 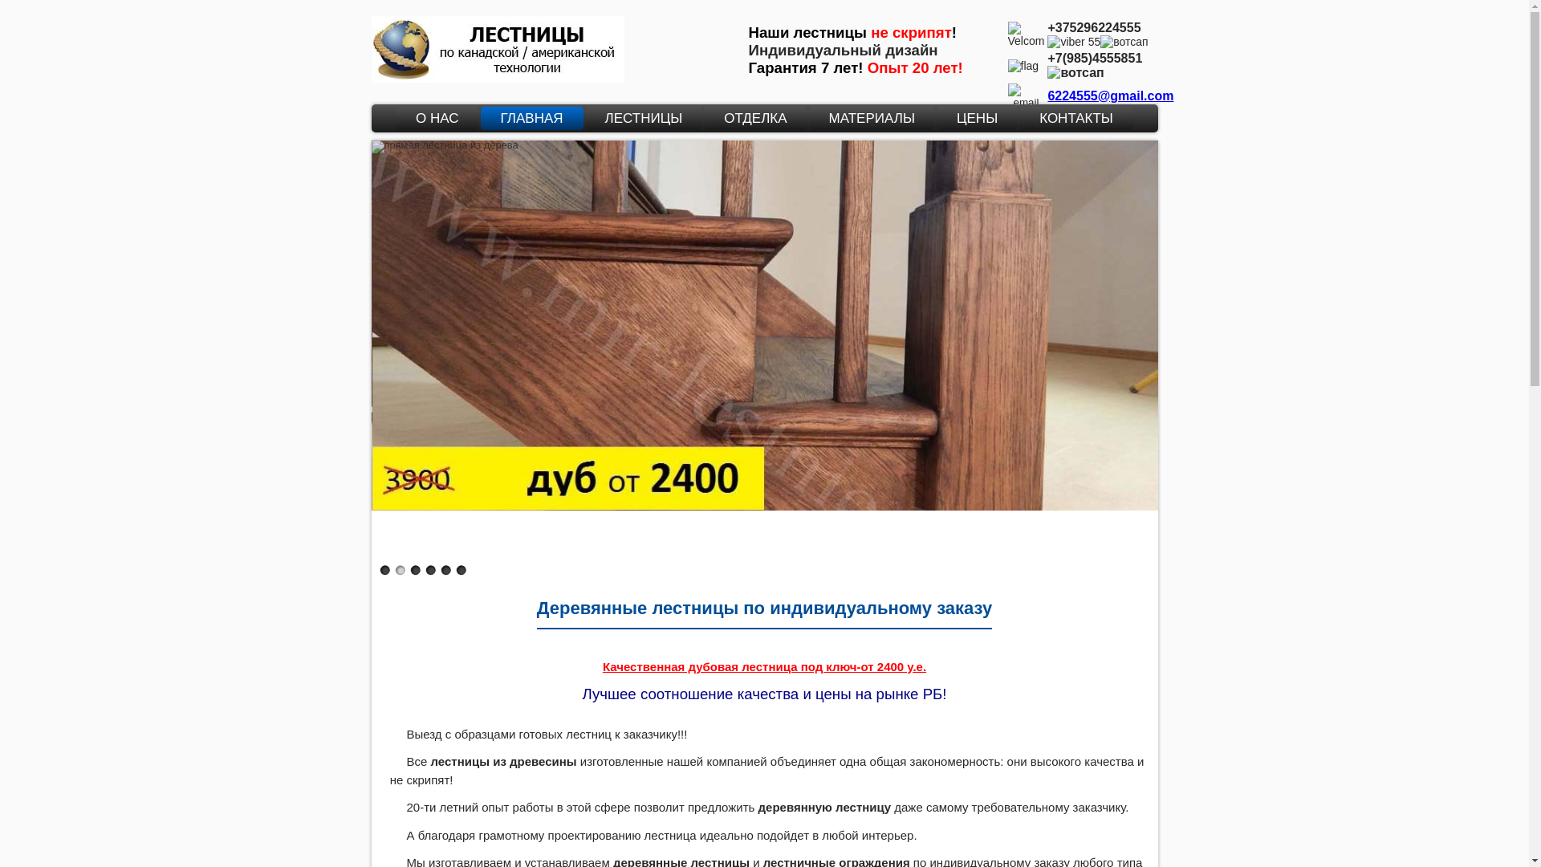 What do you see at coordinates (1109, 95) in the screenshot?
I see `'6224555@gmail.com'` at bounding box center [1109, 95].